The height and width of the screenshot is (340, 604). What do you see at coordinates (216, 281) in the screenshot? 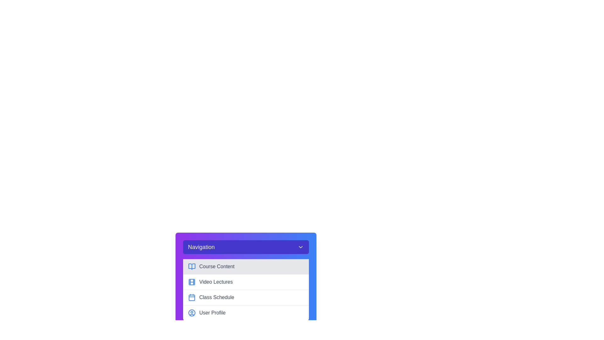
I see `the 'Video Lectures' navigation link in the vertical menu` at bounding box center [216, 281].